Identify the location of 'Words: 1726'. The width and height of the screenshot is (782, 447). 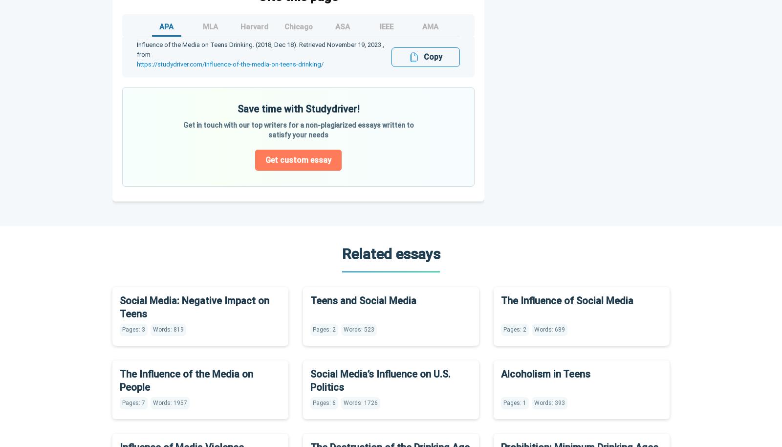
(361, 402).